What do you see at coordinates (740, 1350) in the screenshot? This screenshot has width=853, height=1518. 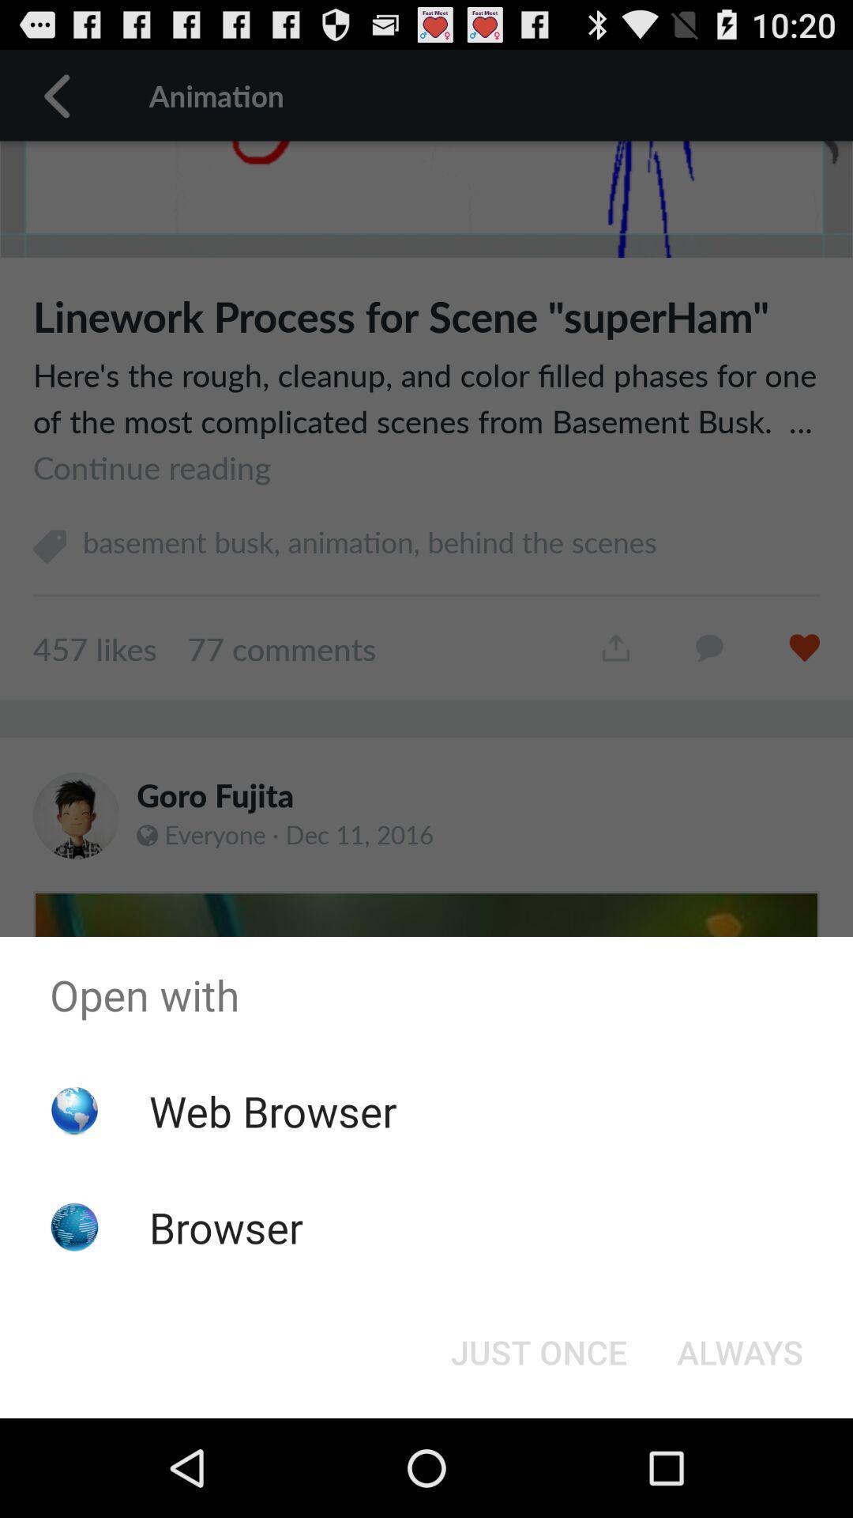 I see `item to the right of the just once button` at bounding box center [740, 1350].